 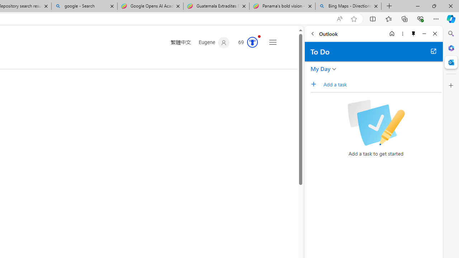 I want to click on 'Microsoft Rewards 66', so click(x=246, y=43).